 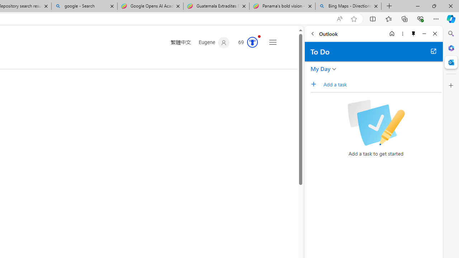 I want to click on 'Microsoft Rewards 66', so click(x=246, y=43).